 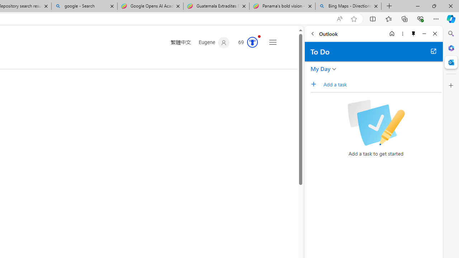 I want to click on 'Microsoft Rewards 66', so click(x=246, y=43).